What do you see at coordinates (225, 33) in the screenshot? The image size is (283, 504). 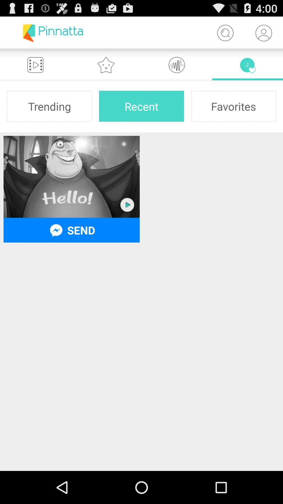 I see `the icon which is to the right from the pinnatta` at bounding box center [225, 33].